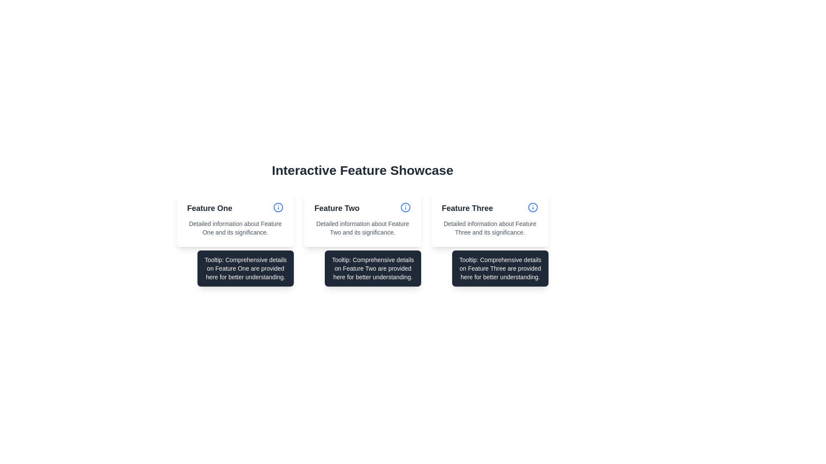 This screenshot has height=464, width=826. Describe the element at coordinates (532, 208) in the screenshot. I see `the icon in the top-right corner of the 'Feature Three' card` at that location.